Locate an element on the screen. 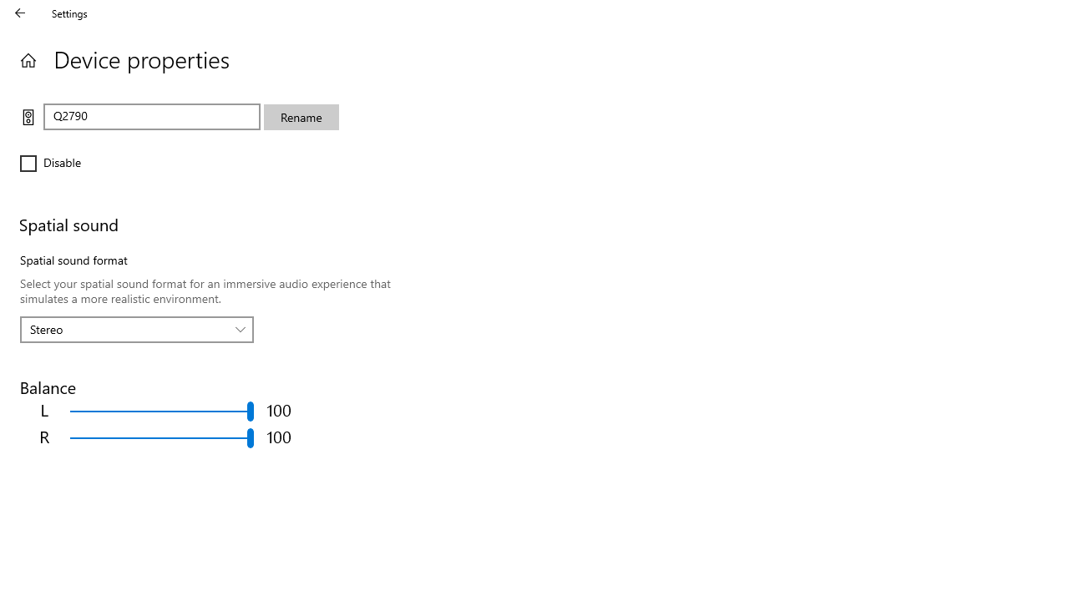  'Adjust right audio balance' is located at coordinates (162, 437).